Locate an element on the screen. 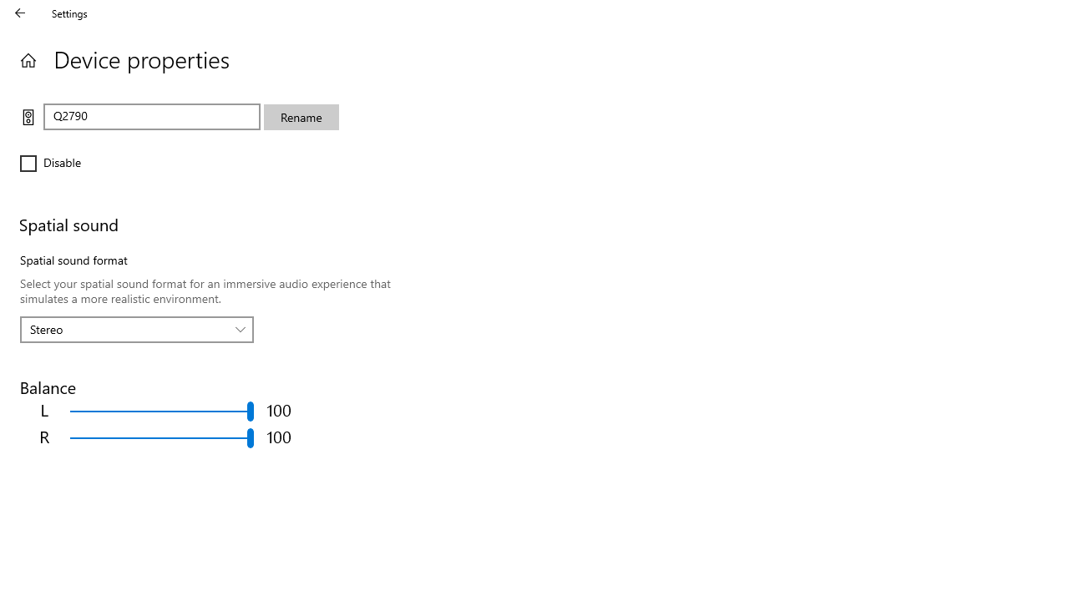  'Adjust right audio balance' is located at coordinates (162, 437).